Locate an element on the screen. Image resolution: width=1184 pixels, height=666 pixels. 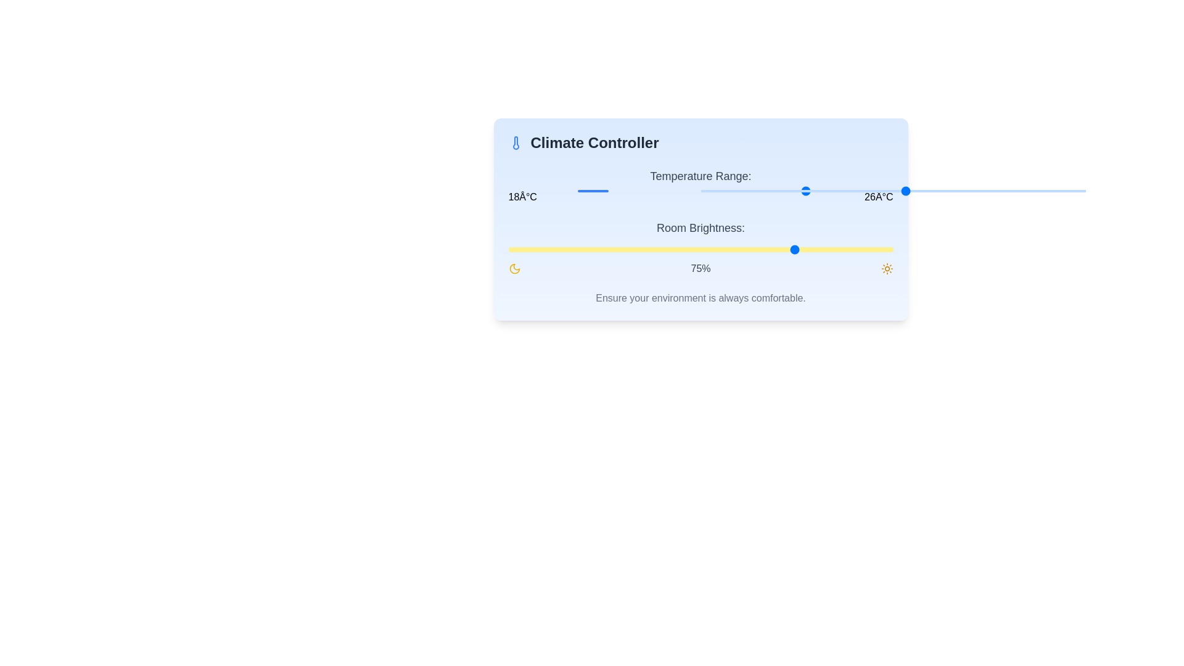
the room brightness is located at coordinates (557, 250).